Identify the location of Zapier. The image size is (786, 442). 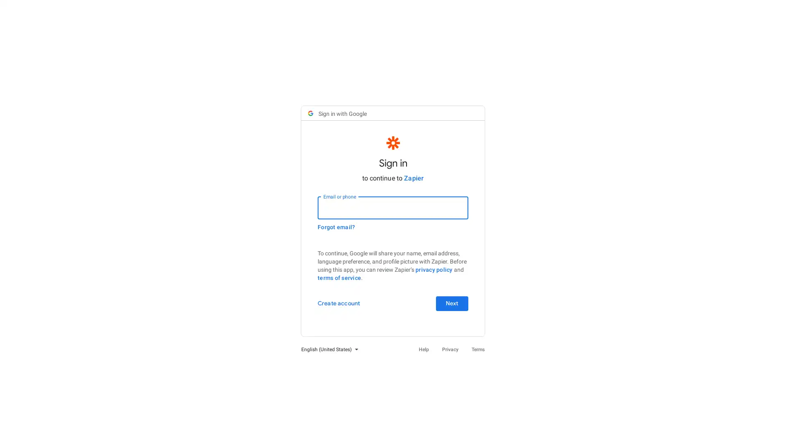
(414, 177).